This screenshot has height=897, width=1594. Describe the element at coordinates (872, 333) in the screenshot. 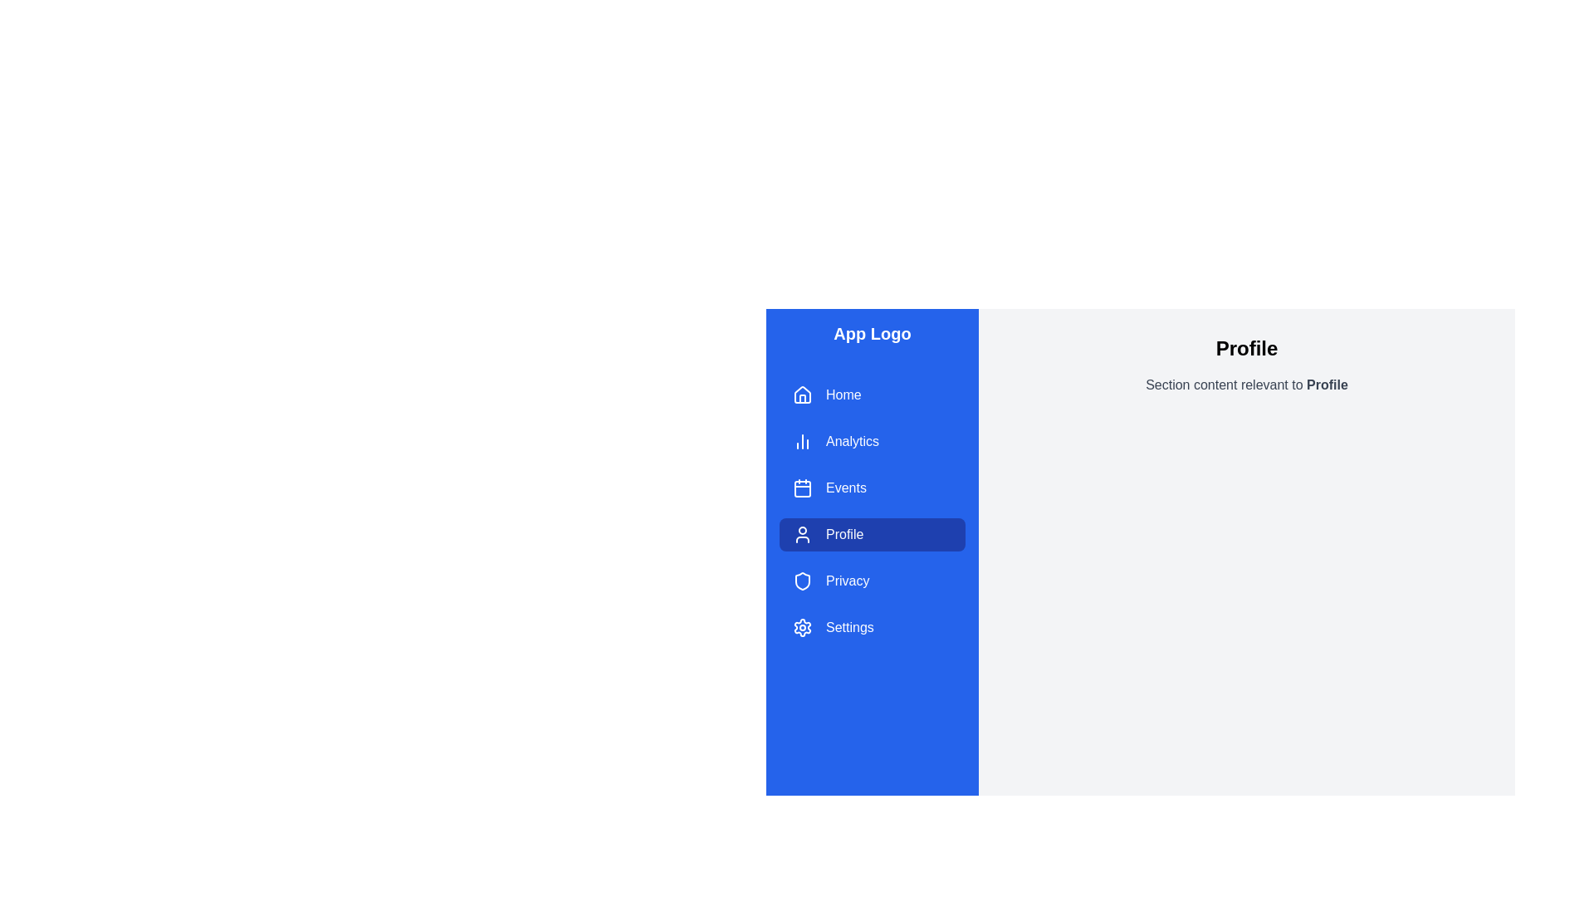

I see `the static text component displaying the application's logo or name, which is located at the top of the left sidebar navigation panel above the 'Home' navigation item` at that location.